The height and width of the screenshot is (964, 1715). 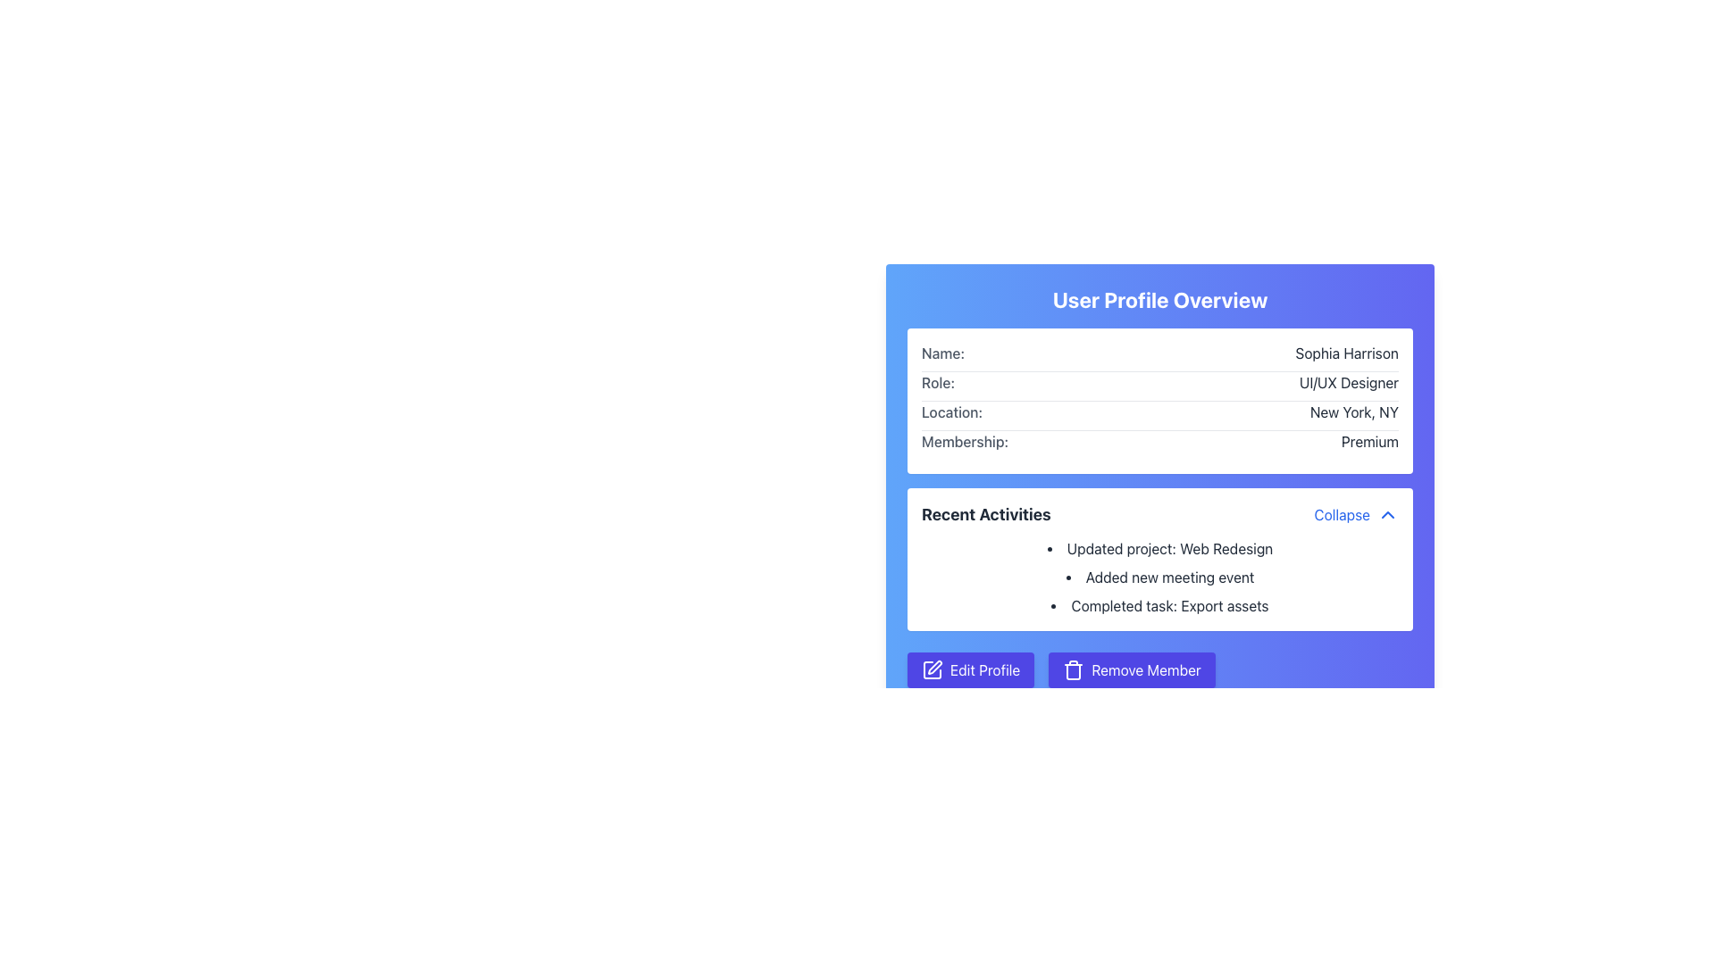 What do you see at coordinates (951, 412) in the screenshot?
I see `the text label reading 'Location:' that is styled in gray color and is positioned to the left of 'New York, NY' within the user profile overview section` at bounding box center [951, 412].